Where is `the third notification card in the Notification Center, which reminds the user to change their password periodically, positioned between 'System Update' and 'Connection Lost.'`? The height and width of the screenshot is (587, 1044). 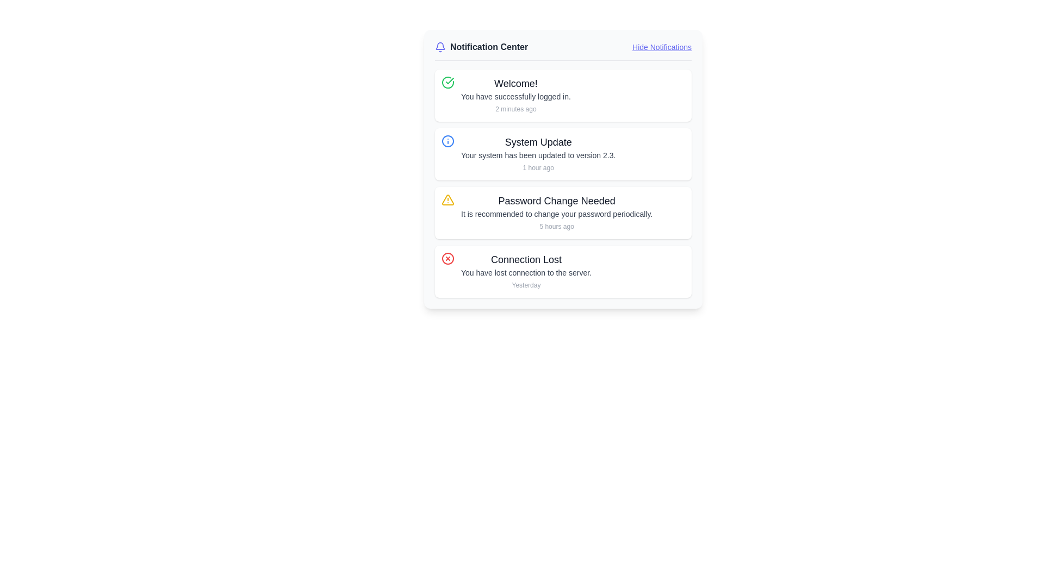 the third notification card in the Notification Center, which reminds the user to change their password periodically, positioned between 'System Update' and 'Connection Lost.' is located at coordinates (563, 213).